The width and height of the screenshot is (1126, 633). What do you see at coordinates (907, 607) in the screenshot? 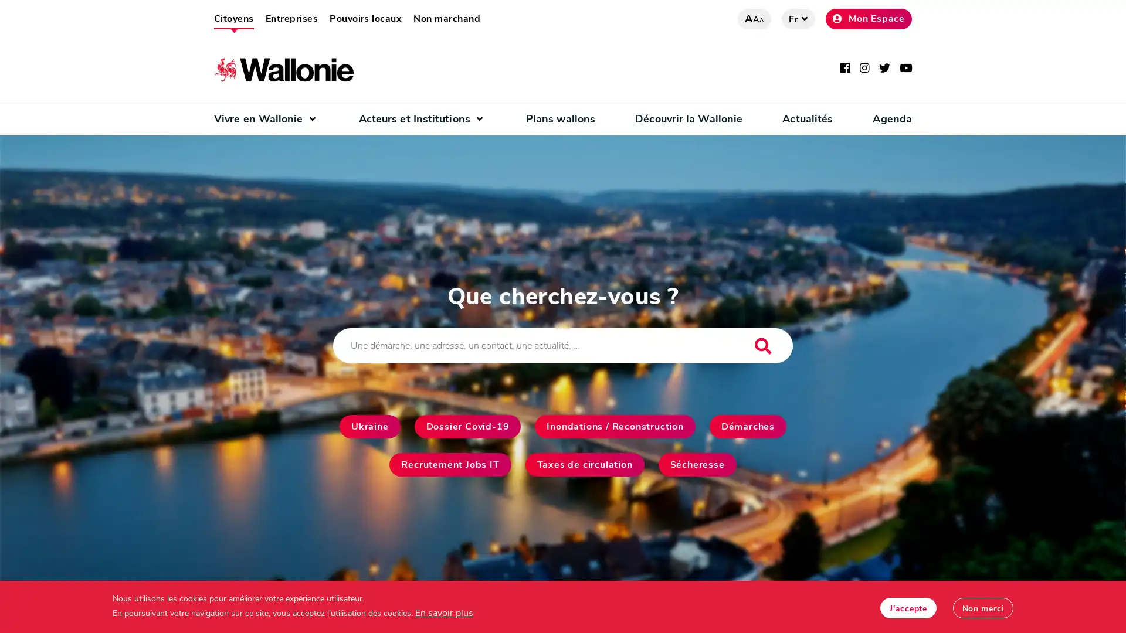
I see `J'accepte` at bounding box center [907, 607].